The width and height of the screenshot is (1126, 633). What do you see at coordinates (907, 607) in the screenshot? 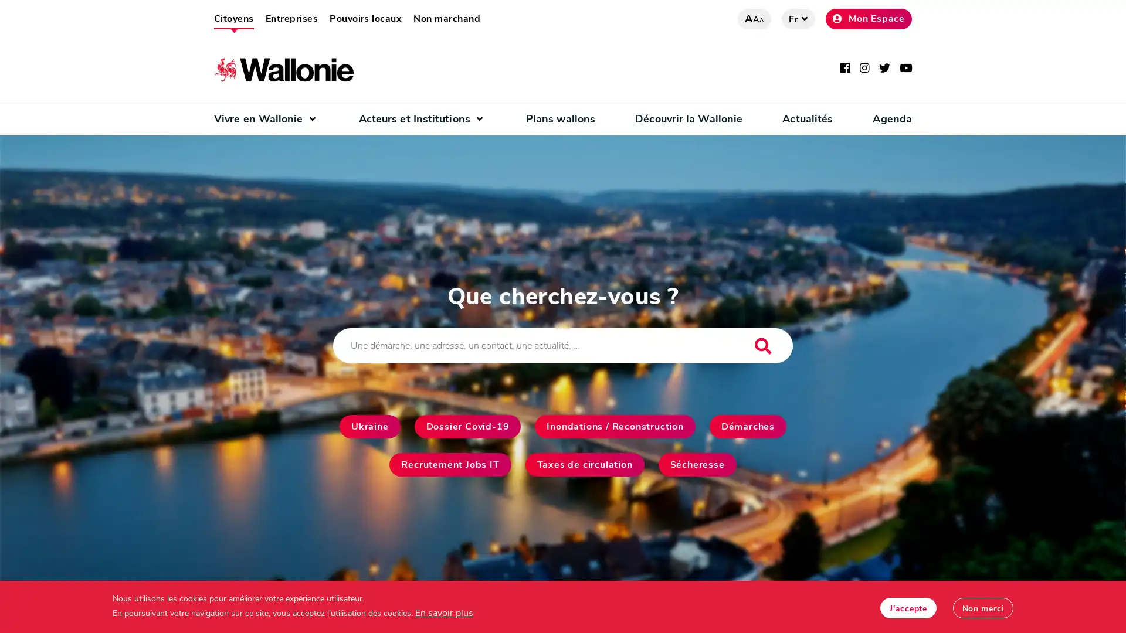
I see `J'accepte` at bounding box center [907, 607].